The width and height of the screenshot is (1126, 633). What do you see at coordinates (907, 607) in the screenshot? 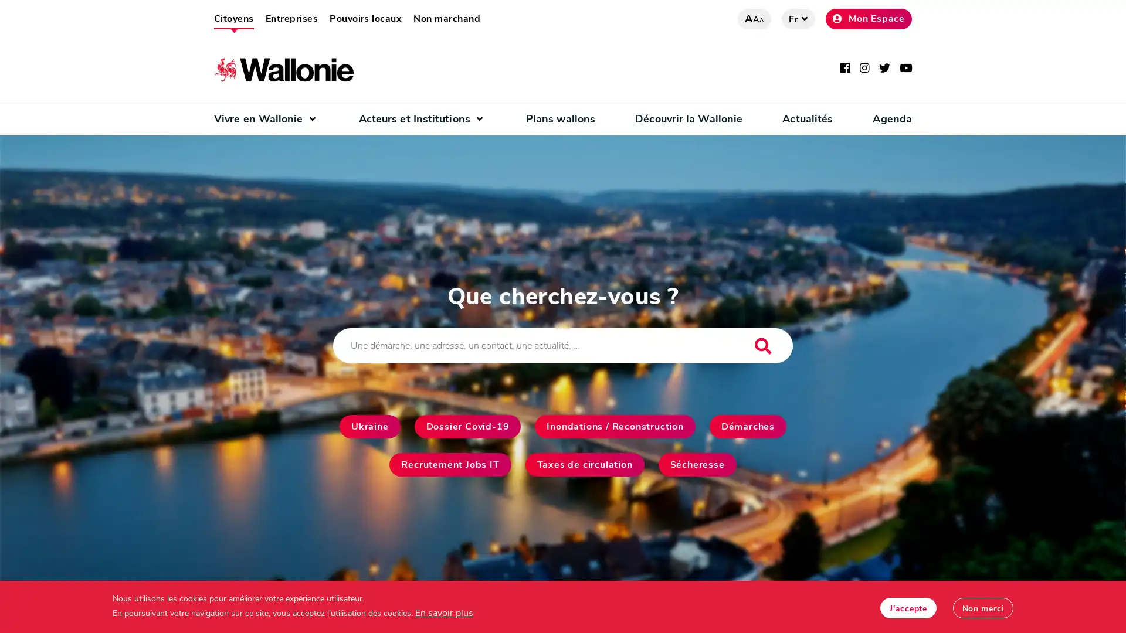
I see `J'accepte` at bounding box center [907, 607].